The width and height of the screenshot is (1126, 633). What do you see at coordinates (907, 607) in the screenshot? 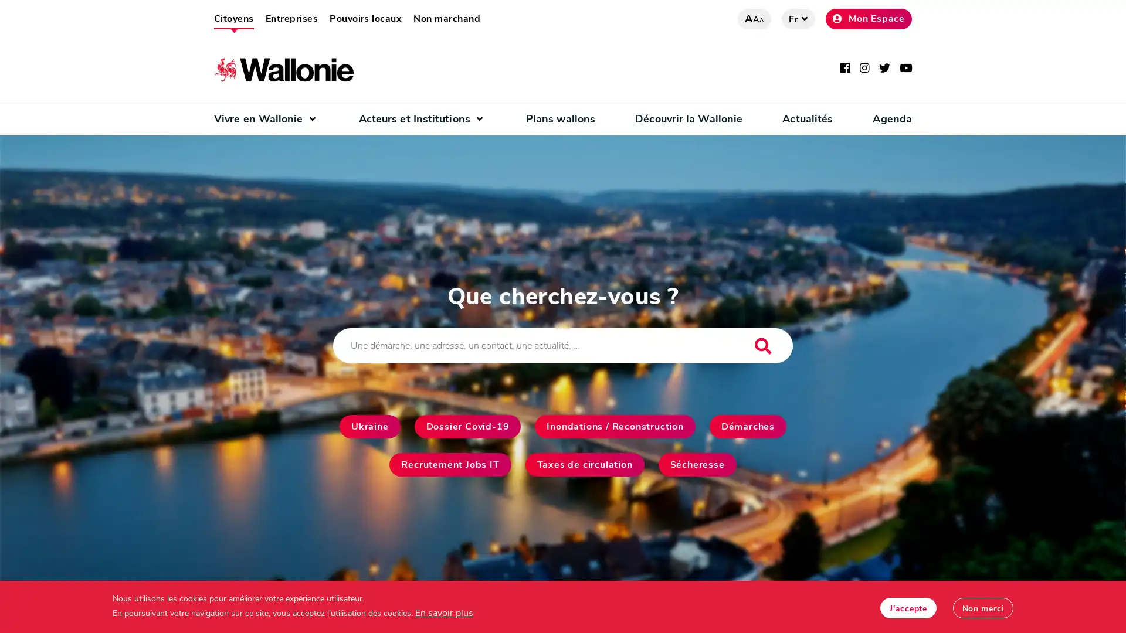
I see `J'accepte` at bounding box center [907, 607].